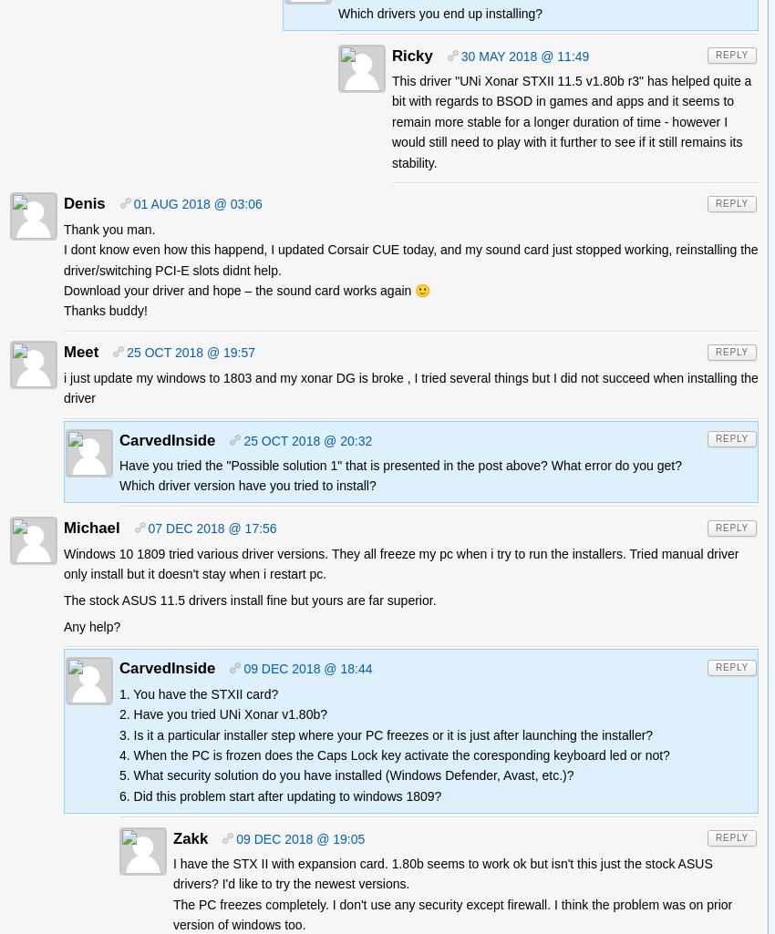 Image resolution: width=775 pixels, height=934 pixels. I want to click on '09 Dec 2018 @ 19:05', so click(234, 837).